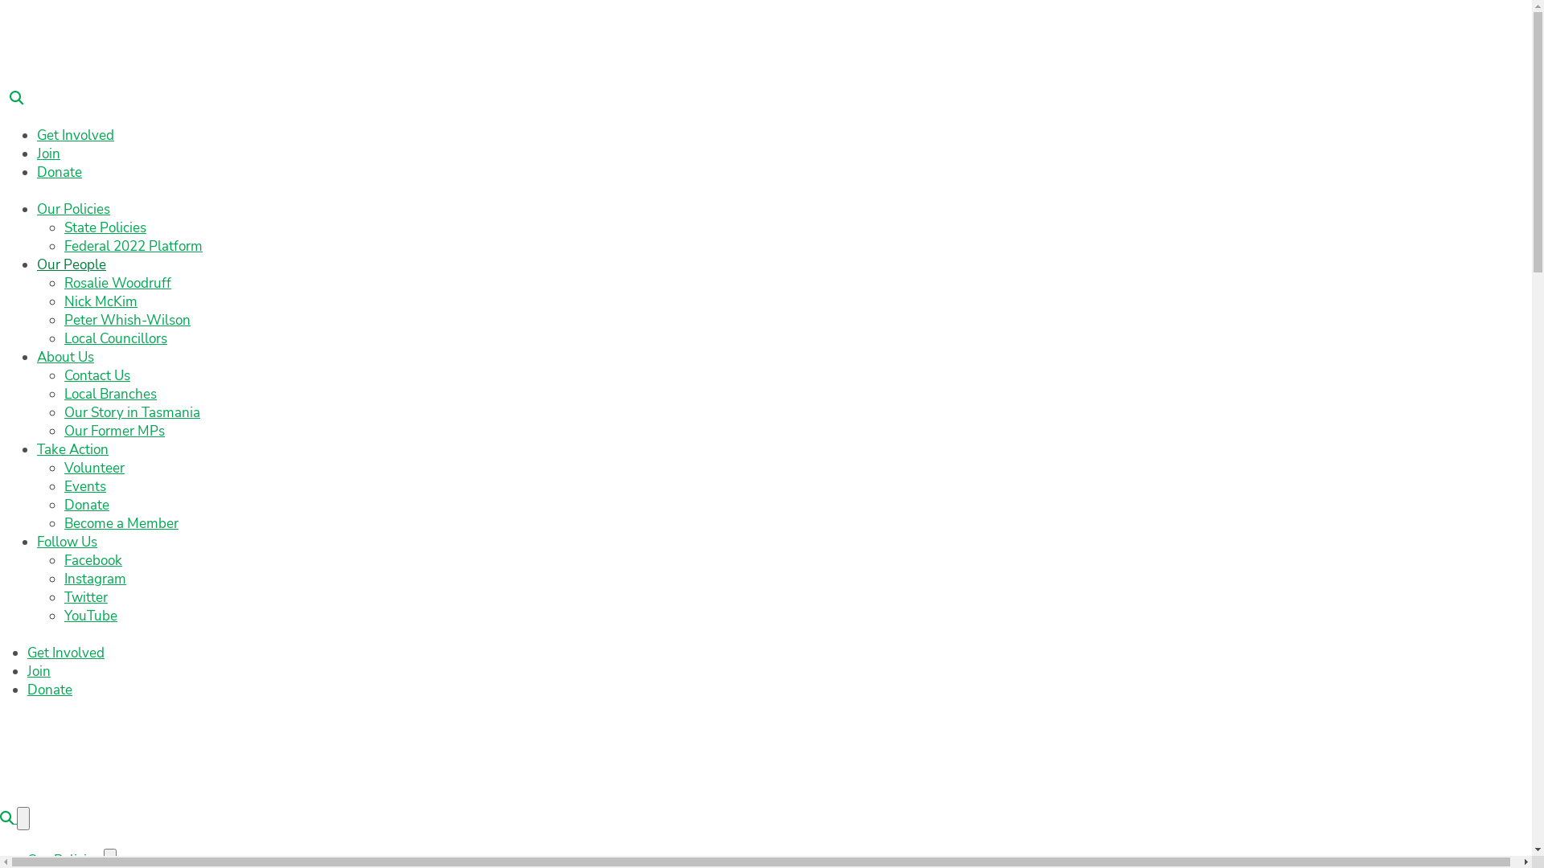 This screenshot has width=1544, height=868. What do you see at coordinates (126, 320) in the screenshot?
I see `'Peter Whish-Wilson'` at bounding box center [126, 320].